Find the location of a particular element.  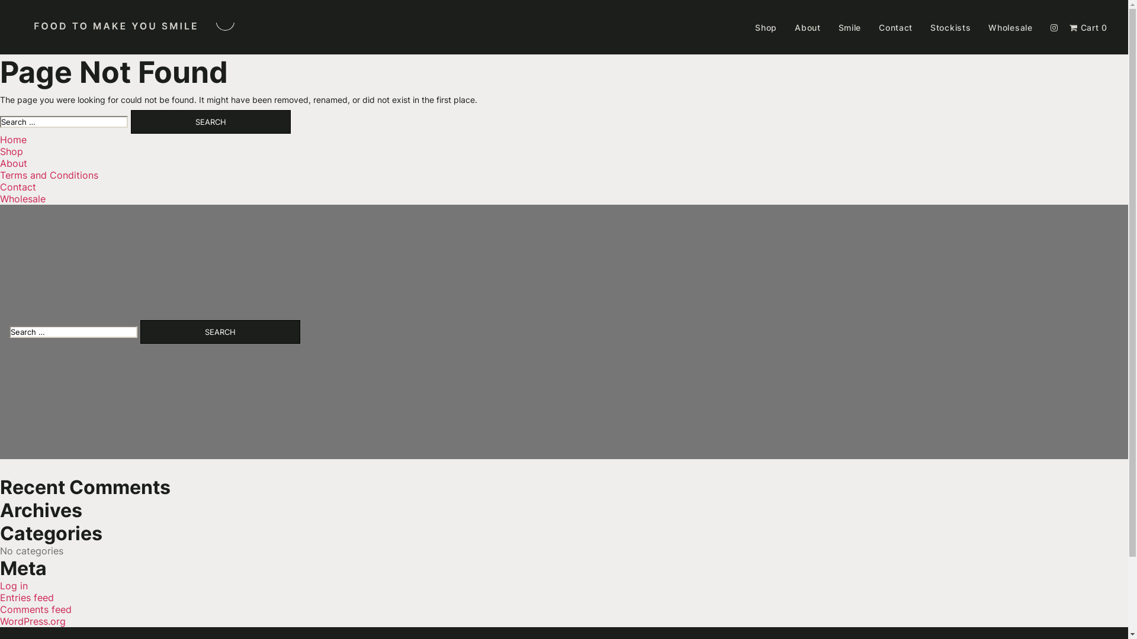

'About' is located at coordinates (807, 27).